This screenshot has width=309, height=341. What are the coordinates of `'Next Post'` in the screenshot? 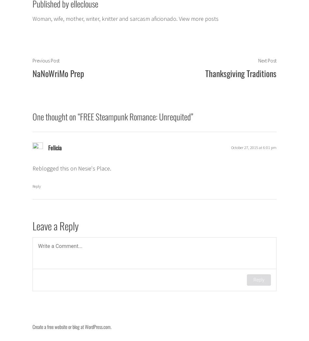 It's located at (267, 60).